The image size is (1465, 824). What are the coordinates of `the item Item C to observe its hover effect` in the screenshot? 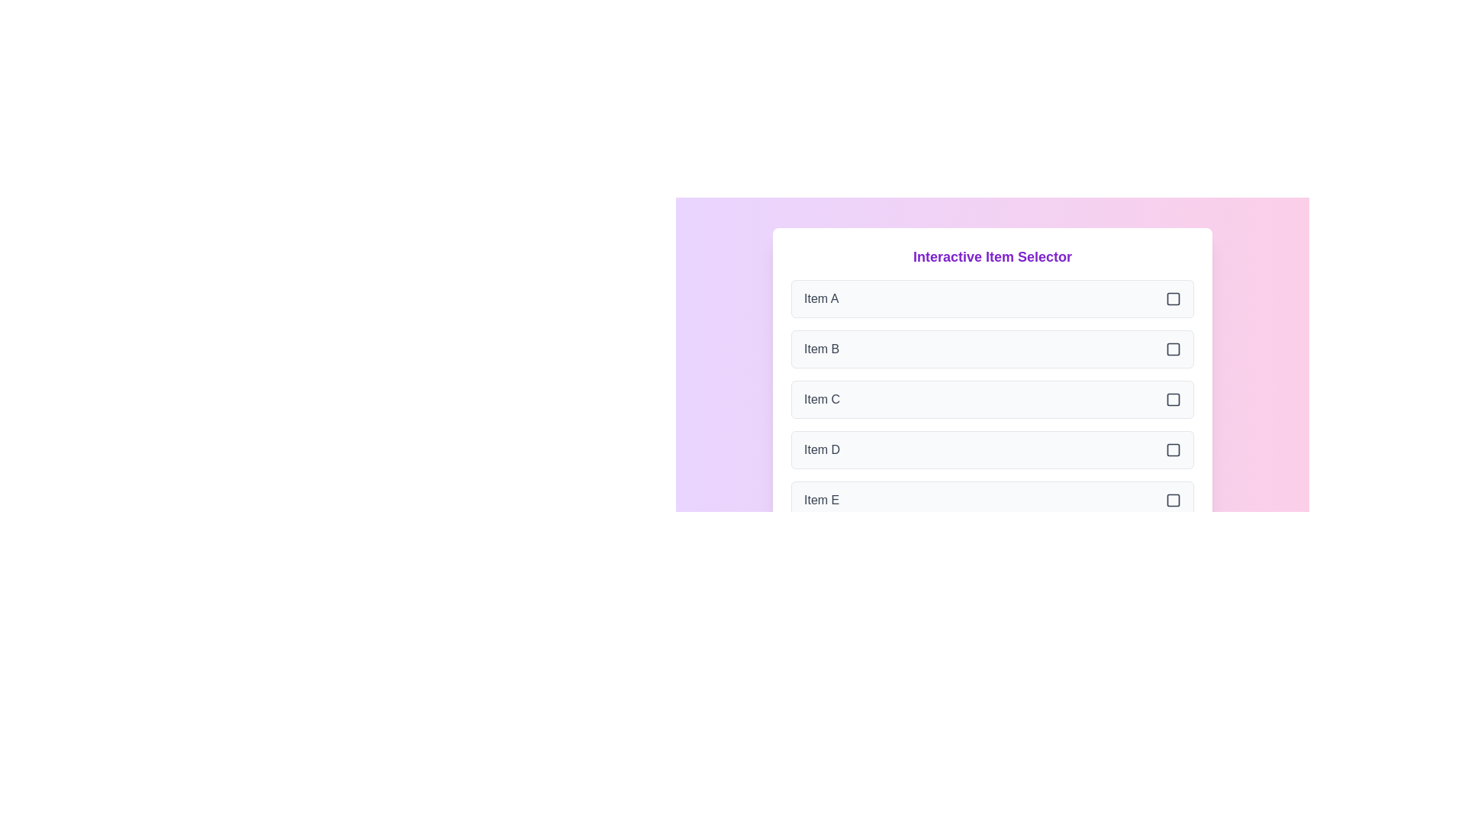 It's located at (992, 399).